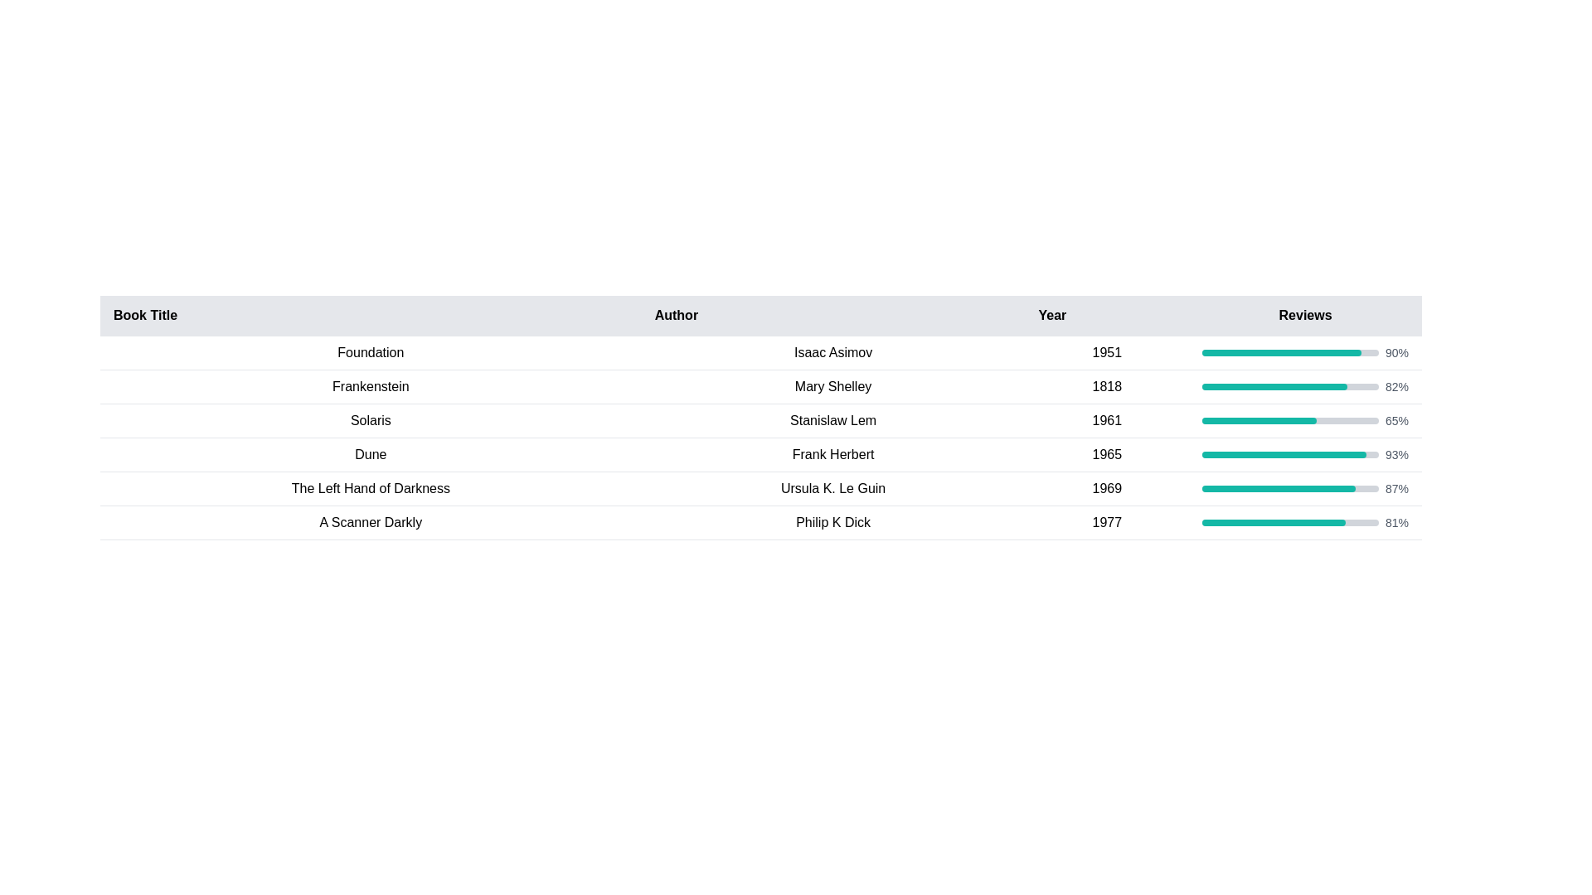 The width and height of the screenshot is (1592, 895). What do you see at coordinates (1304, 488) in the screenshot?
I see `the progress bar with a numeric percentage indicator '87%' adjacent to its right end, located in the 'Reviews' column for the book 'The Left Hand of Darkness', to inspect its accessibility properties` at bounding box center [1304, 488].